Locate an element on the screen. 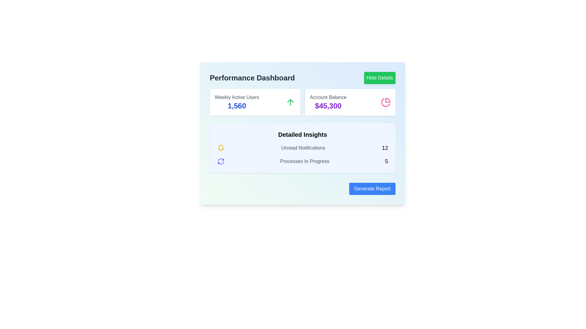  text display showing the account balance of '$45,300' located in the top center area of the interface, beneath the label 'Account Balance' is located at coordinates (328, 105).